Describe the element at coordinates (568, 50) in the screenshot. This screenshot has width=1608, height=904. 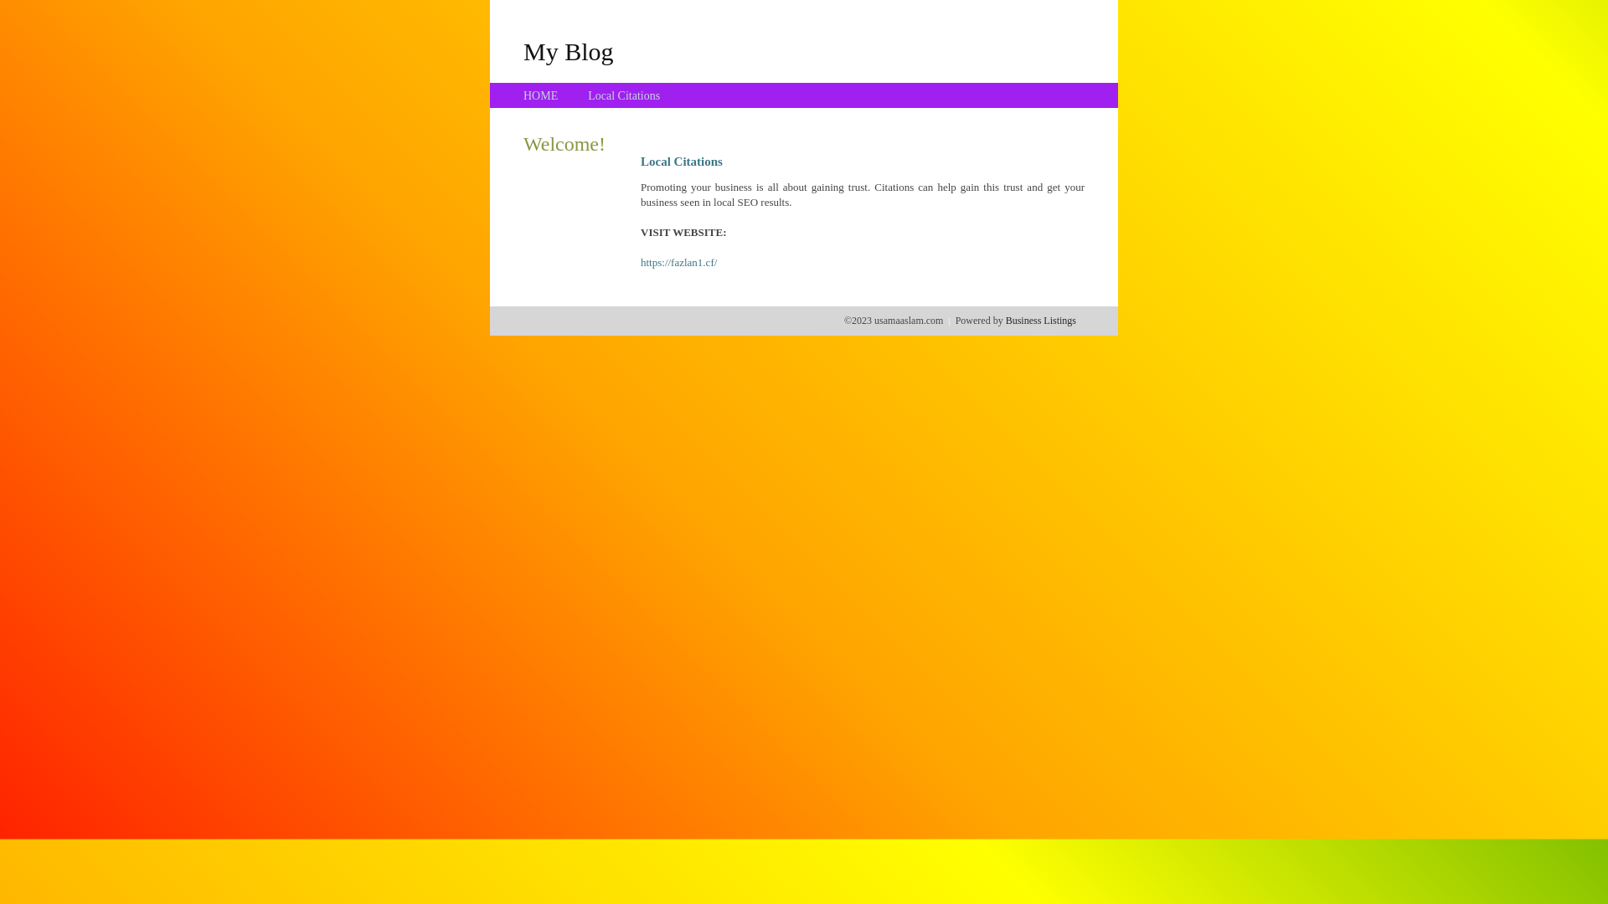
I see `'My Blog'` at that location.